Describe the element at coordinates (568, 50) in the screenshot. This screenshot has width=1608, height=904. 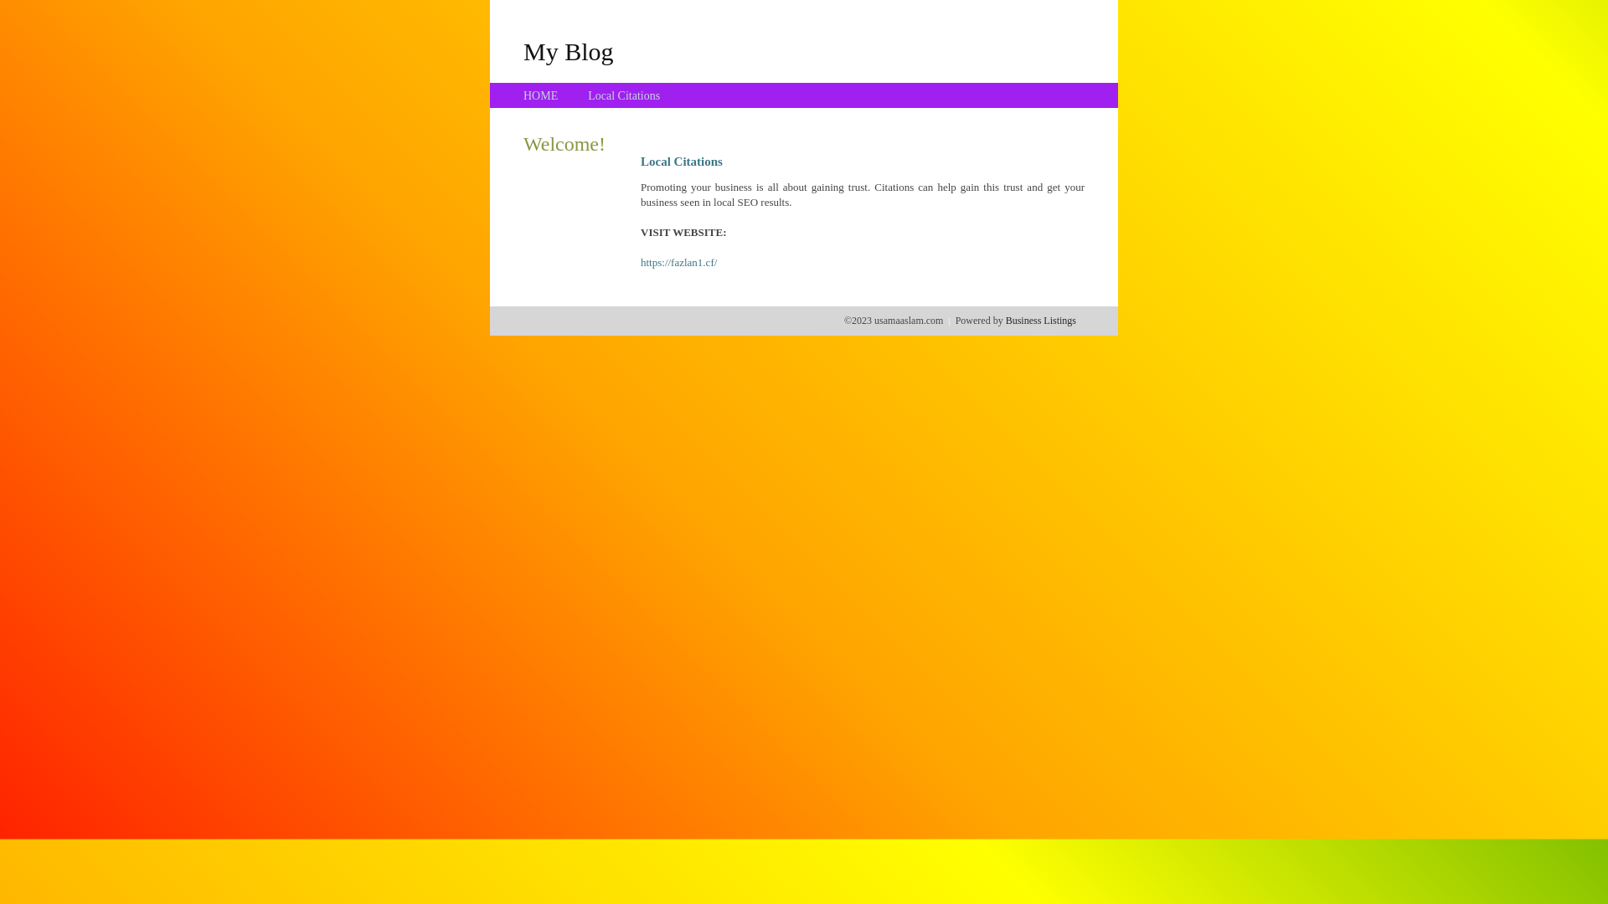
I see `'My Blog'` at that location.